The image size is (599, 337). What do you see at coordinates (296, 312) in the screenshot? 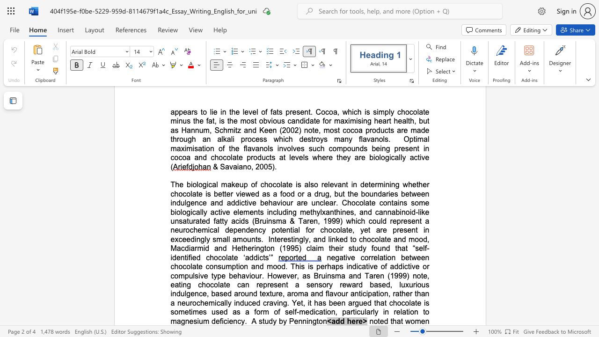
I see `the subset text "-medication, particularly in relation to magnesium defi" within the text "is sometimes used as a form of self-medication, particularly in relation to magnesium deficiency"` at bounding box center [296, 312].